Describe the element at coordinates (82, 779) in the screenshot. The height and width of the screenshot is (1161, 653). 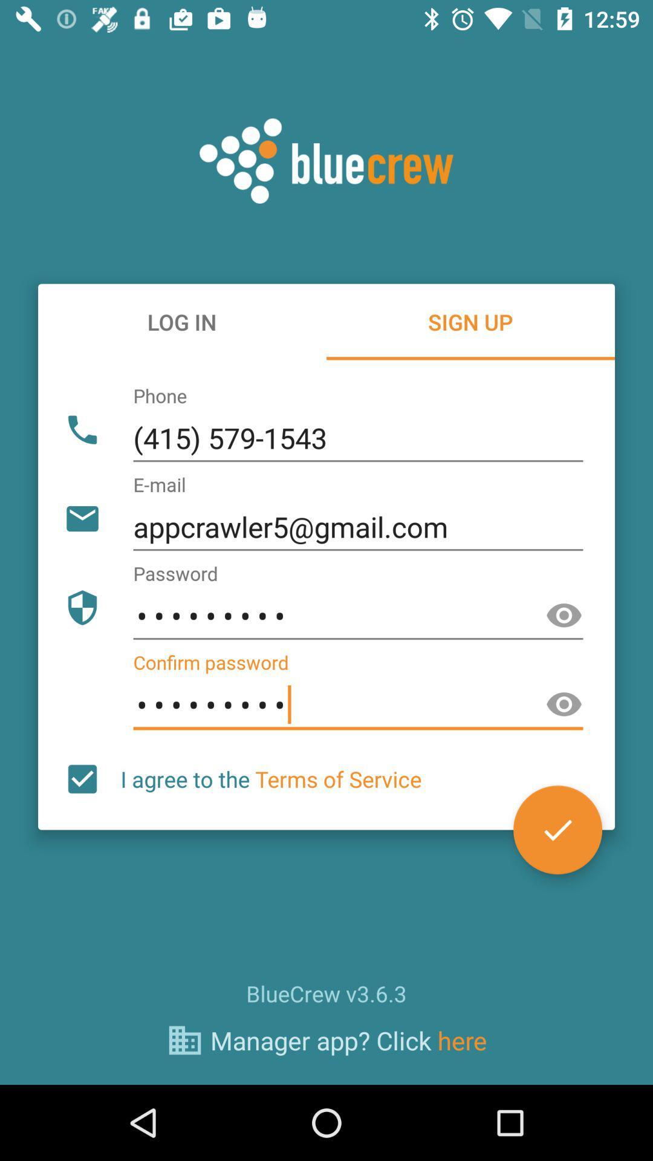
I see `item next to i agree to item` at that location.